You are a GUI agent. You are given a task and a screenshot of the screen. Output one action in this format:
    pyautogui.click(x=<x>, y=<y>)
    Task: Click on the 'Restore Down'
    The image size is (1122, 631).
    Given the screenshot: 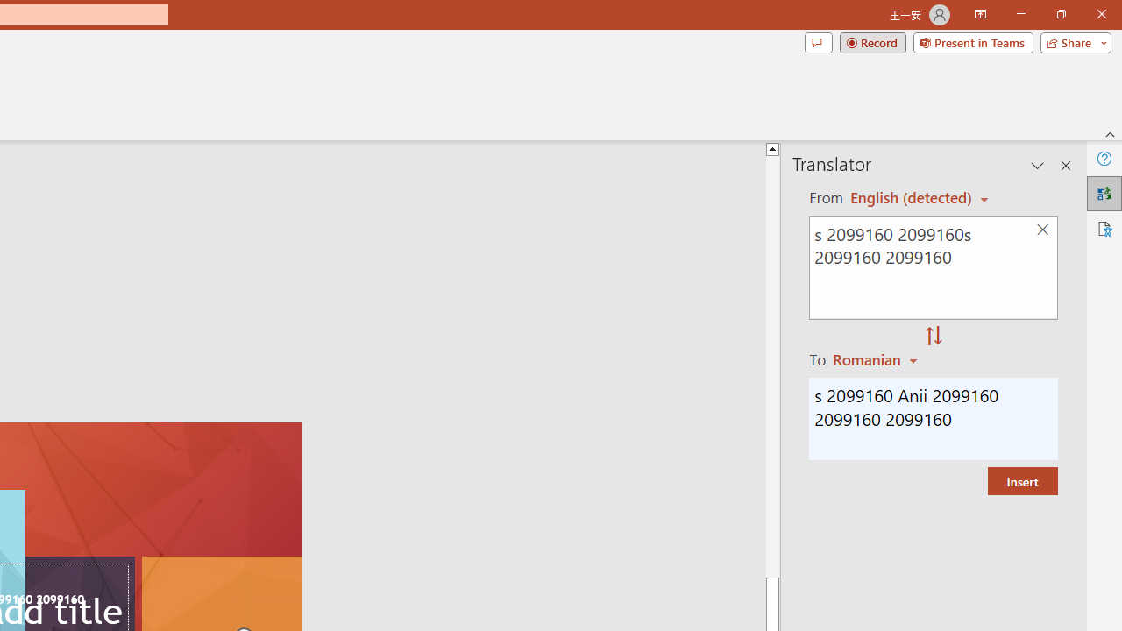 What is the action you would take?
    pyautogui.click(x=1060, y=14)
    